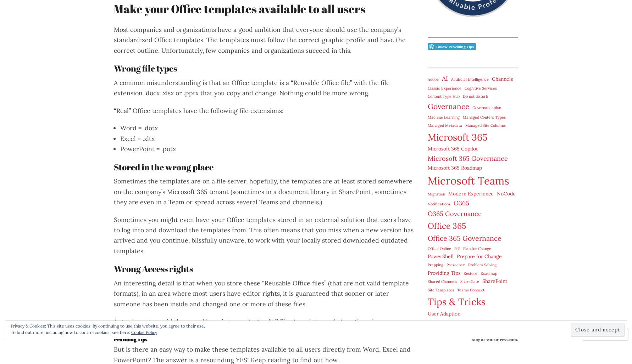 This screenshot has height=364, width=632. Describe the element at coordinates (506, 193) in the screenshot. I see `'NoCode'` at that location.